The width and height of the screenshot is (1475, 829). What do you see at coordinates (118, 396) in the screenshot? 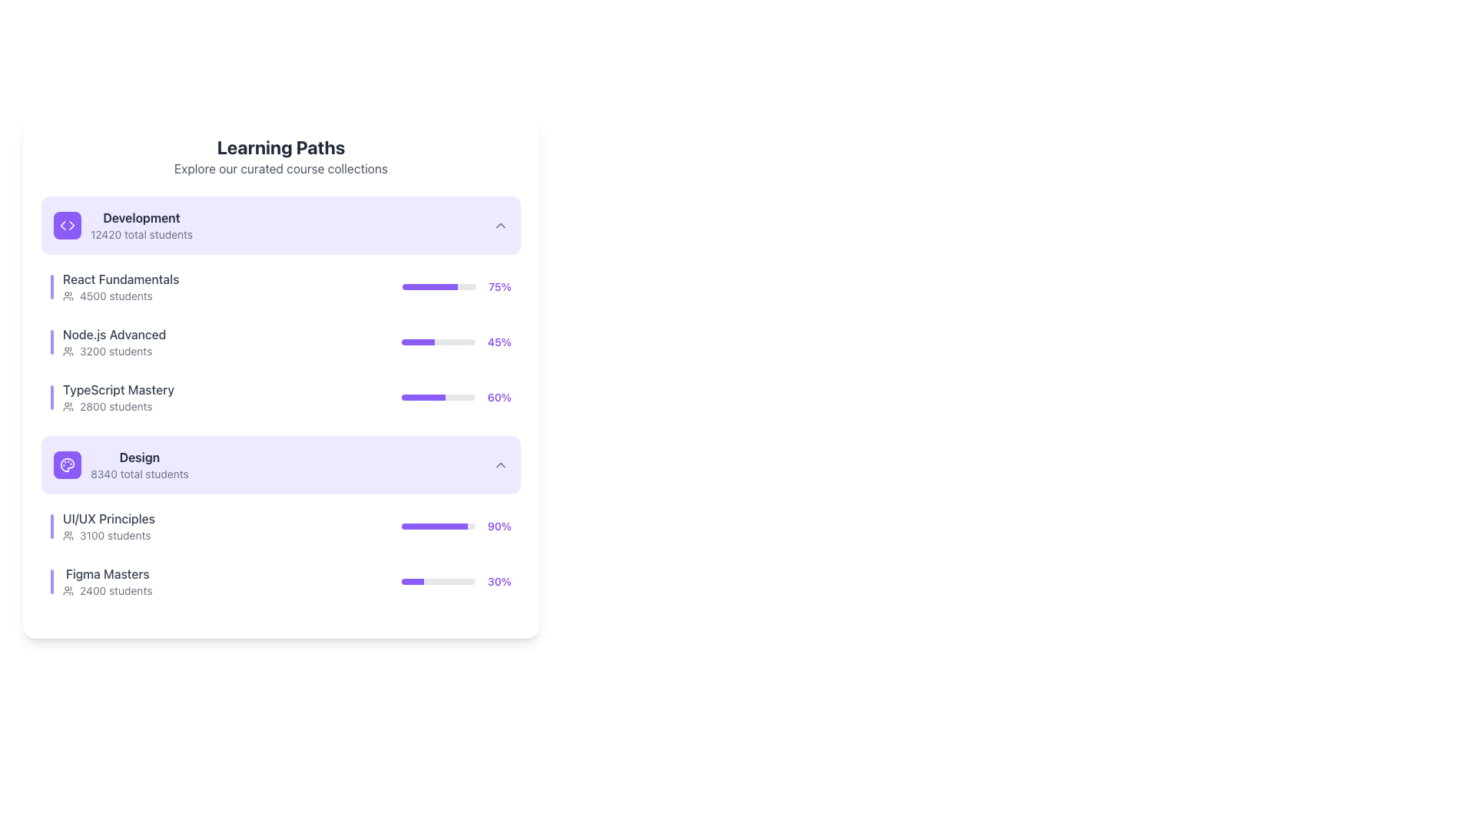
I see `the bold title 'TypeScript Mastery' of the Compound text label with hyperlink` at bounding box center [118, 396].